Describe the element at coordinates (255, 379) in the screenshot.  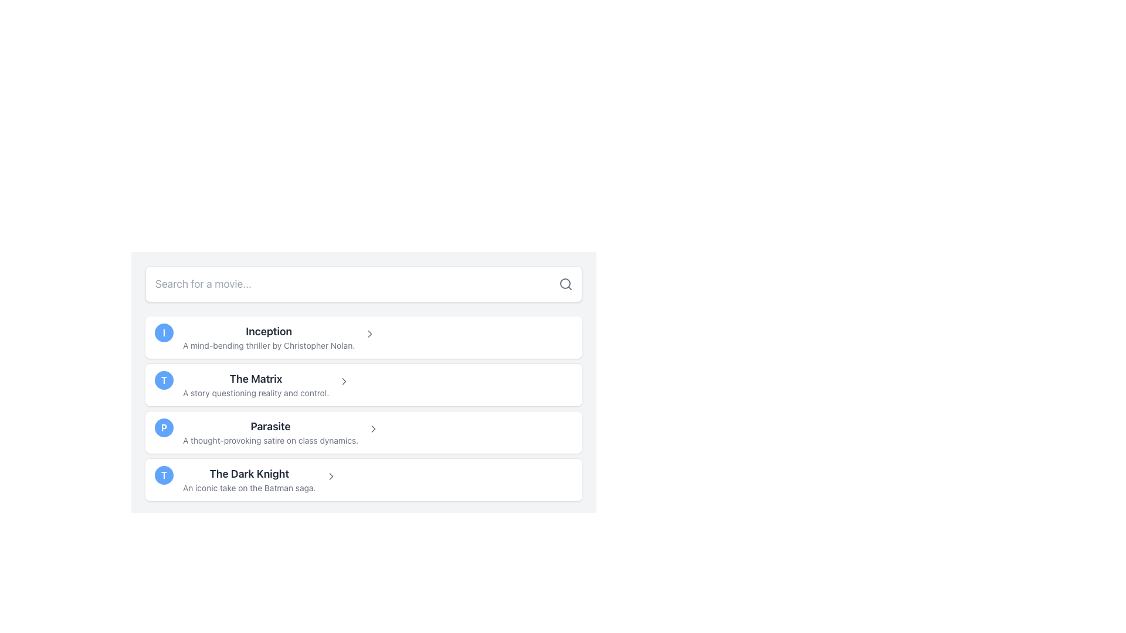
I see `the title 'The Matrix', which is the first text element in the list entry section, styled in bold black typography and positioned above the subtitle` at that location.